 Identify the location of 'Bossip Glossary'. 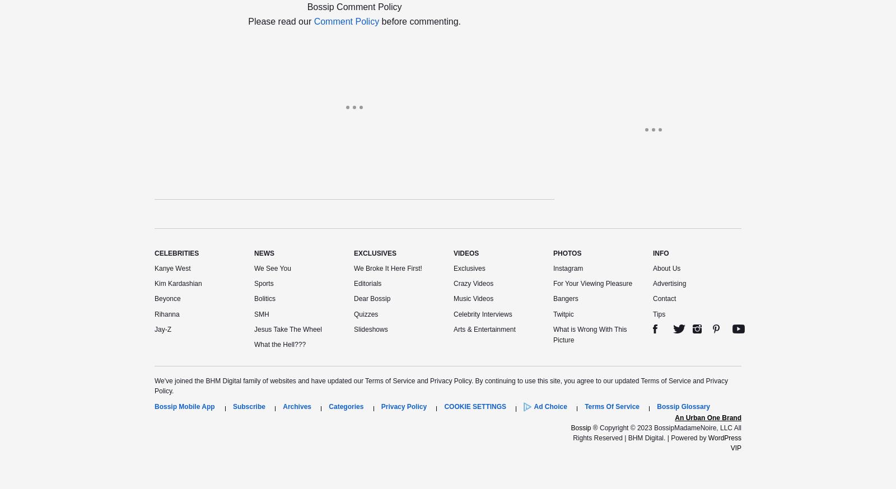
(683, 406).